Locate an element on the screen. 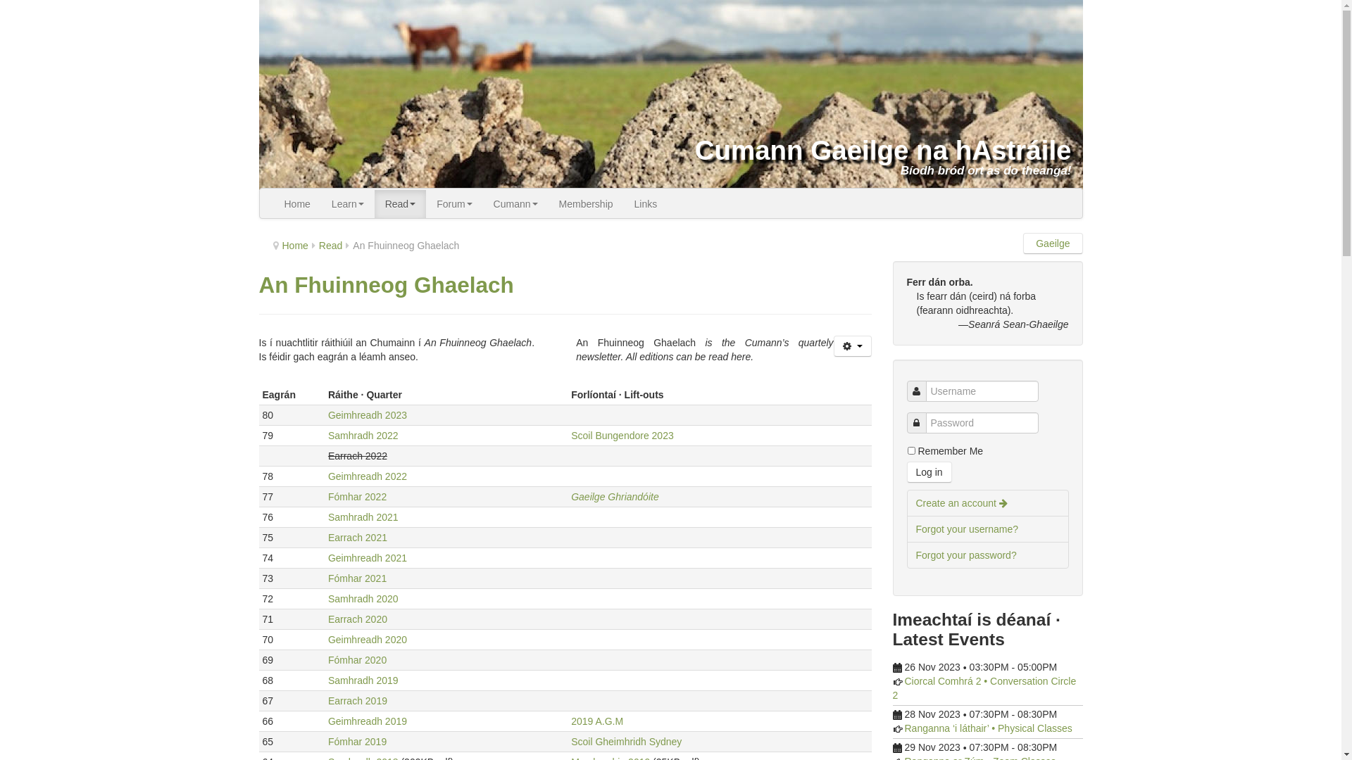 This screenshot has width=1352, height=760. 'Gaeilge' is located at coordinates (1052, 243).